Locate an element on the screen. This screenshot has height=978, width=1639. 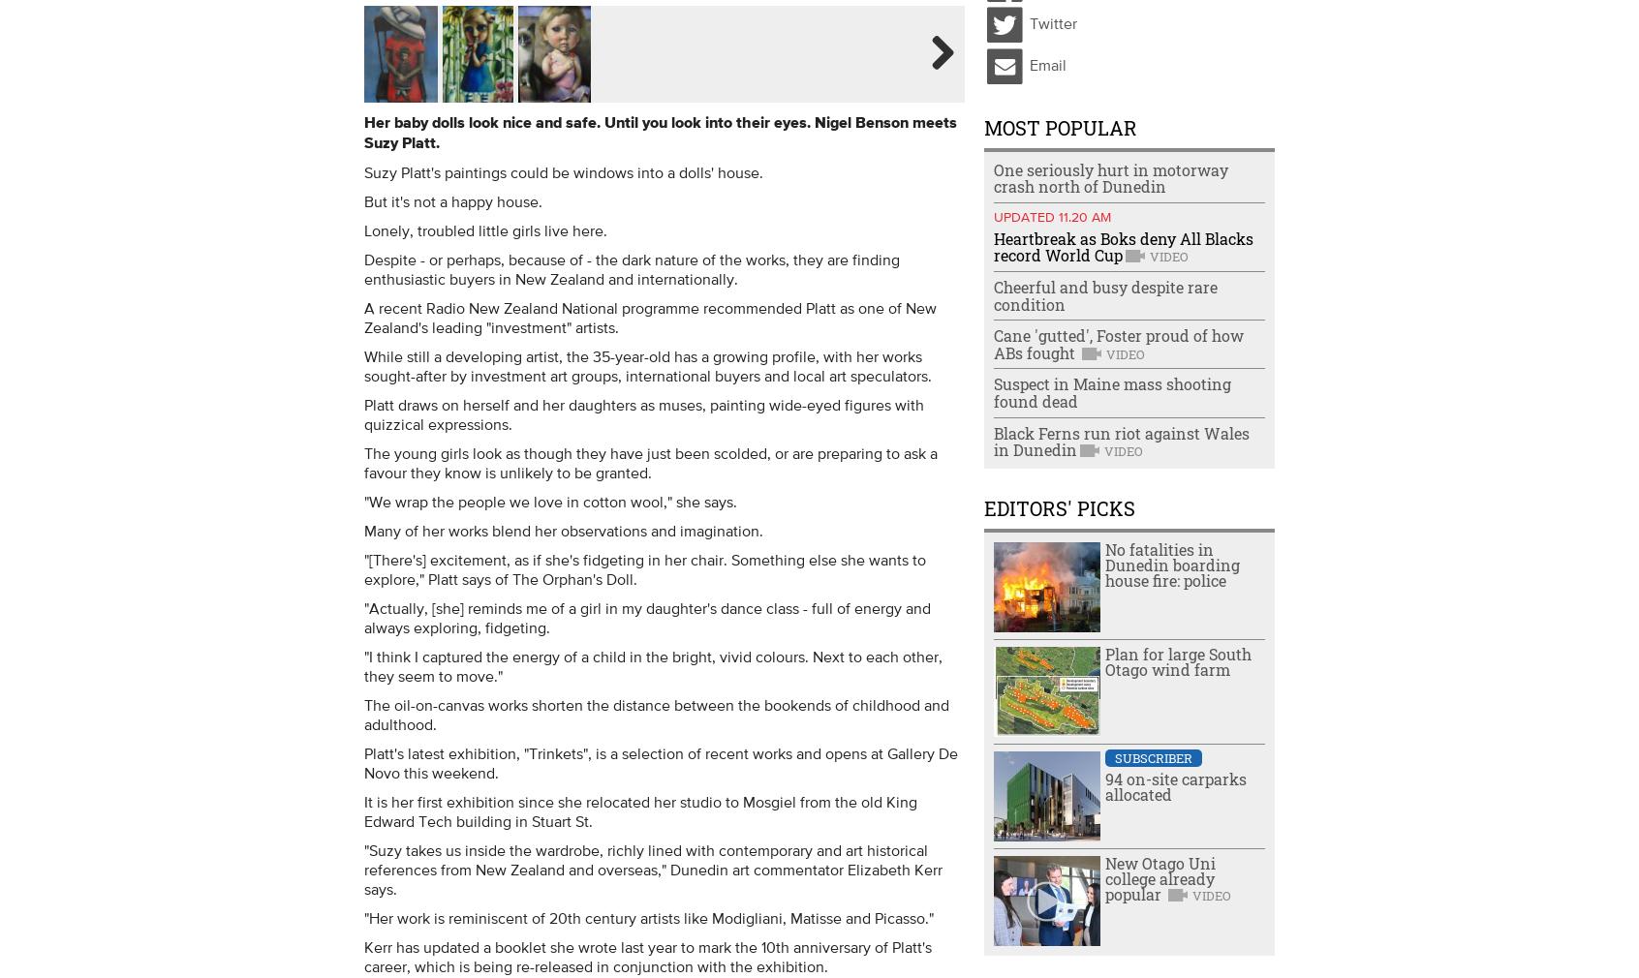
'"I think I captured the energy of a child in the bright, vivid colours. Next to each other, they seem to move."' is located at coordinates (653, 665).